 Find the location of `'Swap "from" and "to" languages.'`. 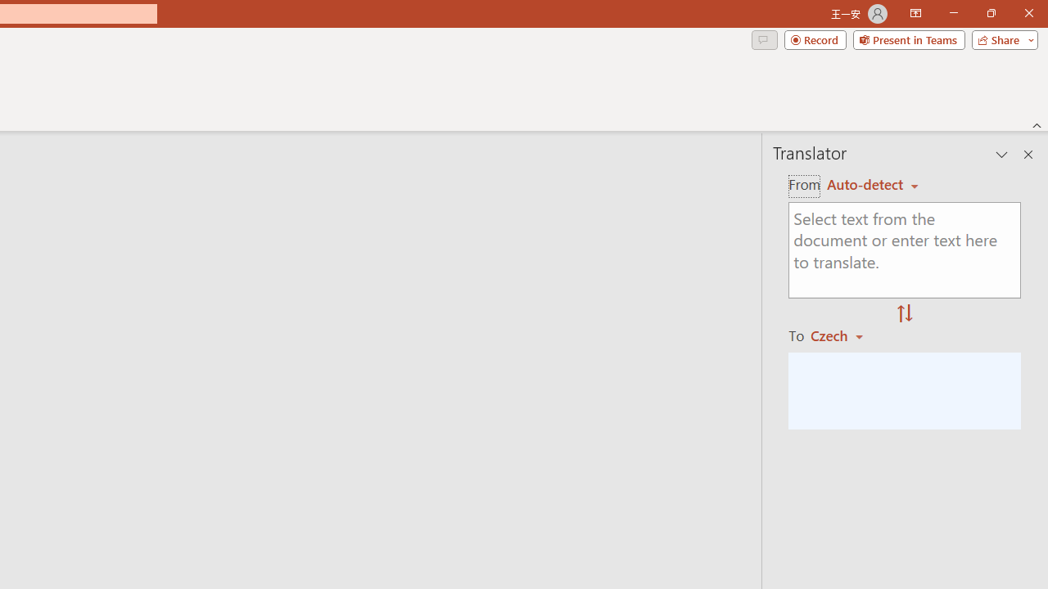

'Swap "from" and "to" languages.' is located at coordinates (904, 314).